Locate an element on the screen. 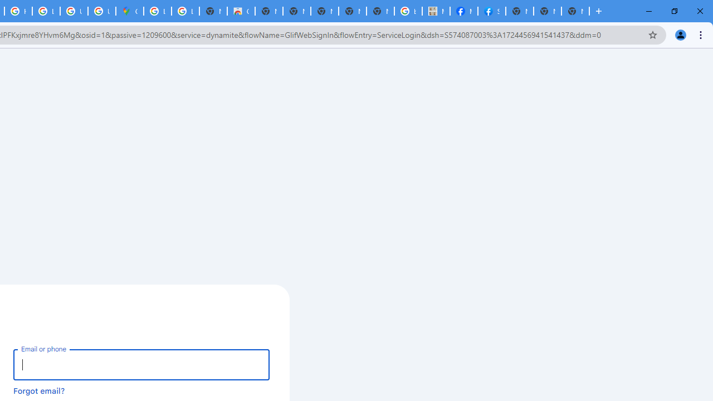  'Forgot email?' is located at coordinates (39, 390).